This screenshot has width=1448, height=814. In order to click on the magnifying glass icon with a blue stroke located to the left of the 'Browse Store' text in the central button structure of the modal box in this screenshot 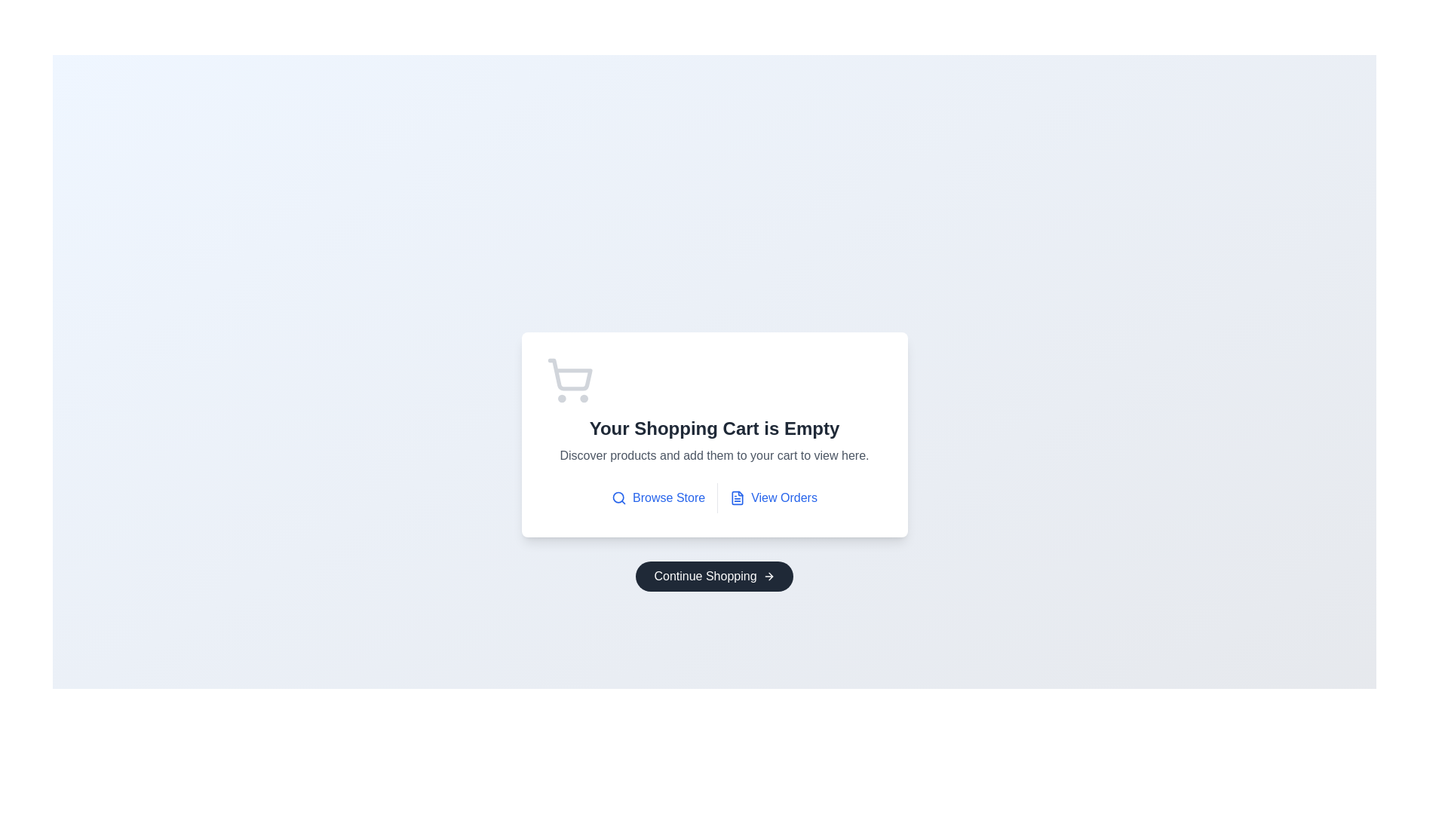, I will do `click(619, 497)`.